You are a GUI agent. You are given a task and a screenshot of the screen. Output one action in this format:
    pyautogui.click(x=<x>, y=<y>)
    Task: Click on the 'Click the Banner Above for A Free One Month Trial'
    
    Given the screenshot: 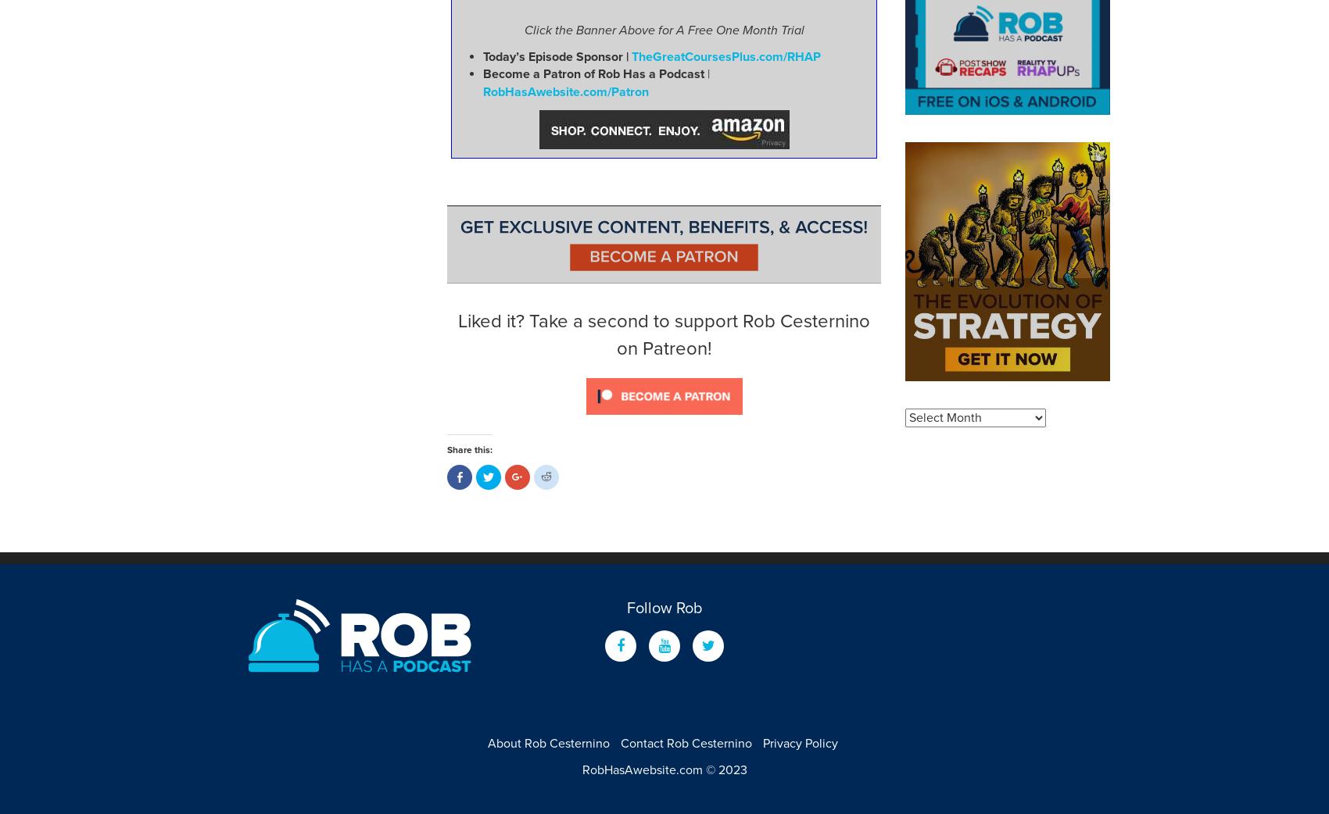 What is the action you would take?
    pyautogui.click(x=662, y=29)
    